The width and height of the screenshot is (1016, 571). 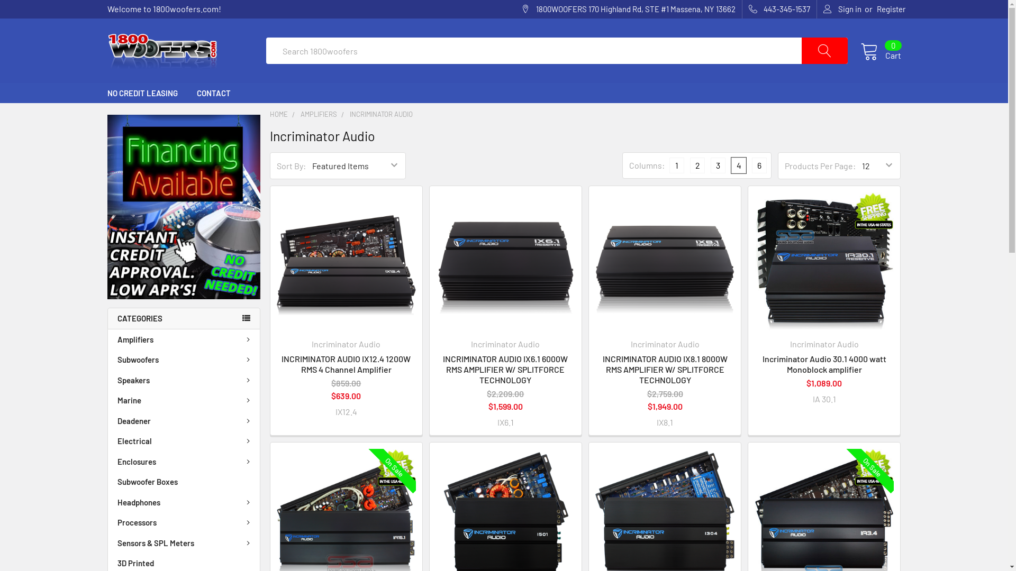 I want to click on 'Marine', so click(x=184, y=400).